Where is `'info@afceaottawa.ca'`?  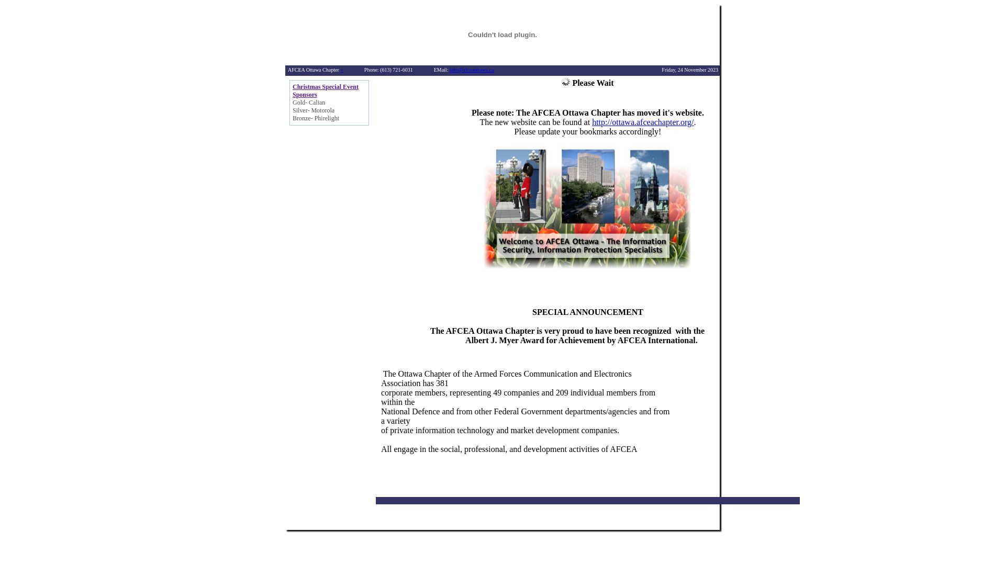
'info@afceaottawa.ca' is located at coordinates (471, 70).